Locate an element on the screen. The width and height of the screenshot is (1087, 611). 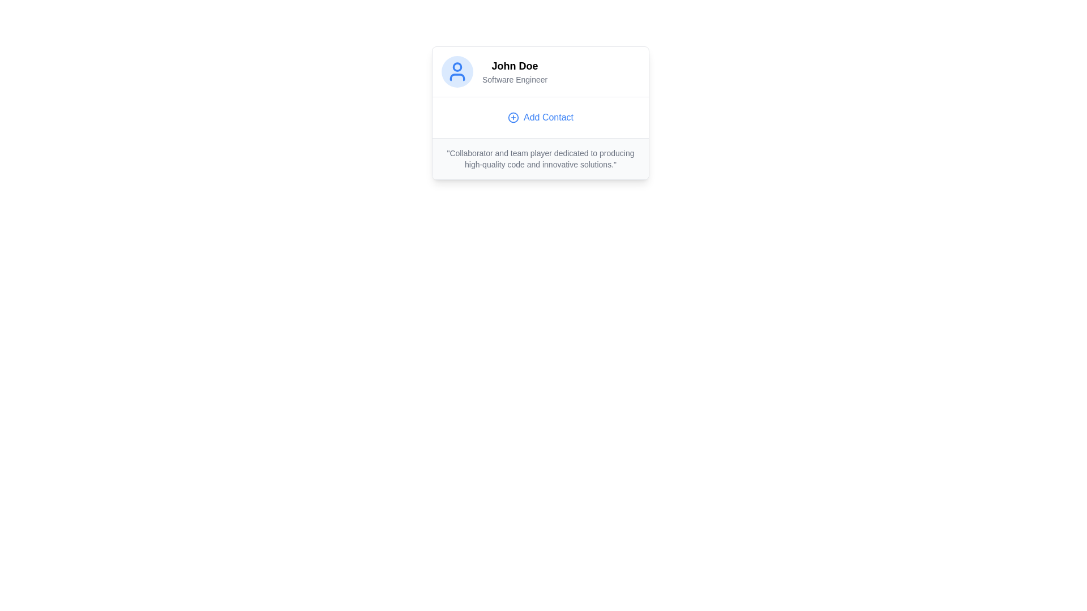
the static text content block that reads 'Collaborator and team player dedicated to producing high-quality code and innovative solutions.' which is located beneath the 'Add Contact' button is located at coordinates (540, 158).